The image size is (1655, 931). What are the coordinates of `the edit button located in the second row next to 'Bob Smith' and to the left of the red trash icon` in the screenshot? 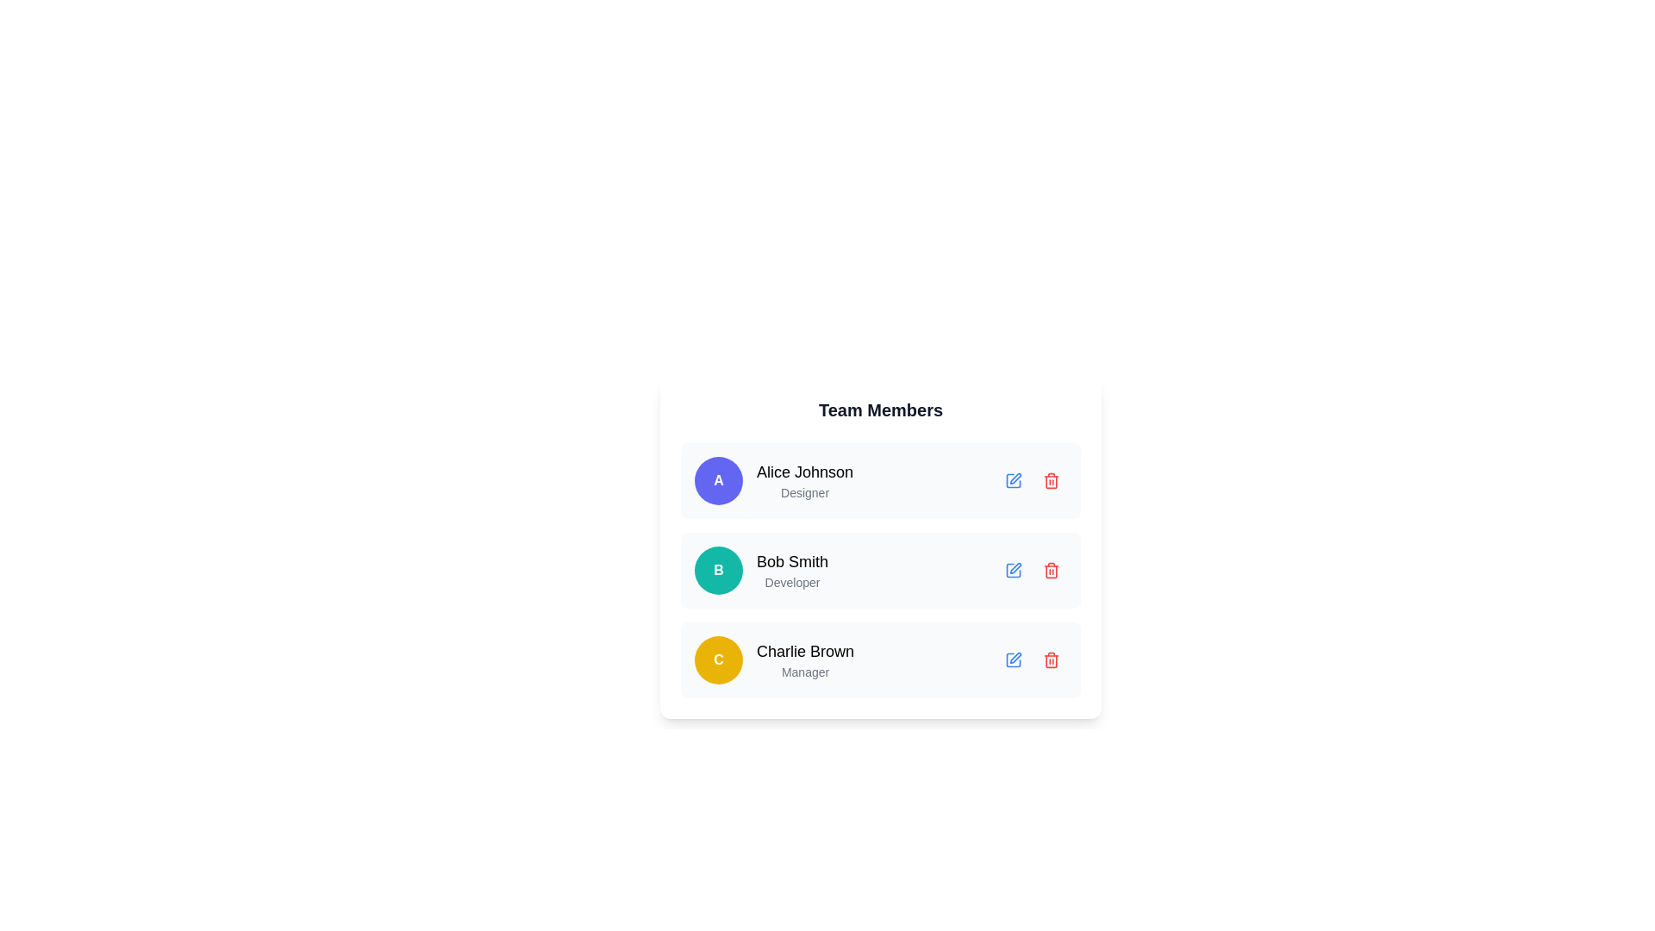 It's located at (1014, 571).